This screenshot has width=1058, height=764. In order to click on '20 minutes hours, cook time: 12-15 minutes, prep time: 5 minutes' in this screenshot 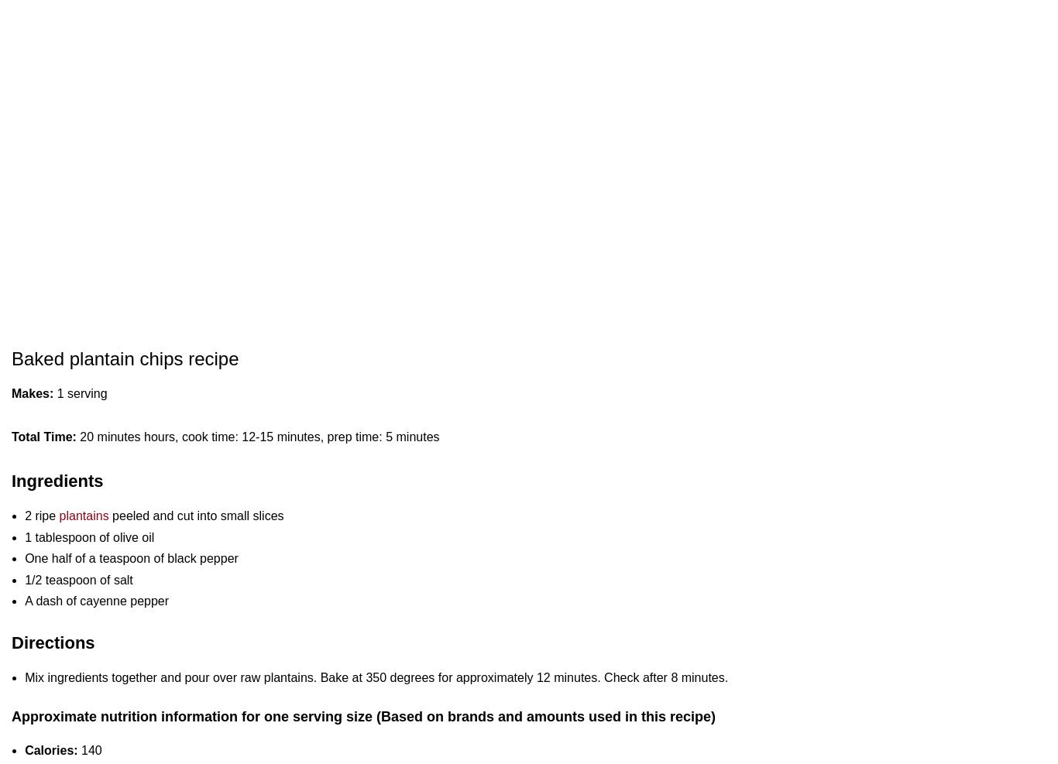, I will do `click(257, 436)`.